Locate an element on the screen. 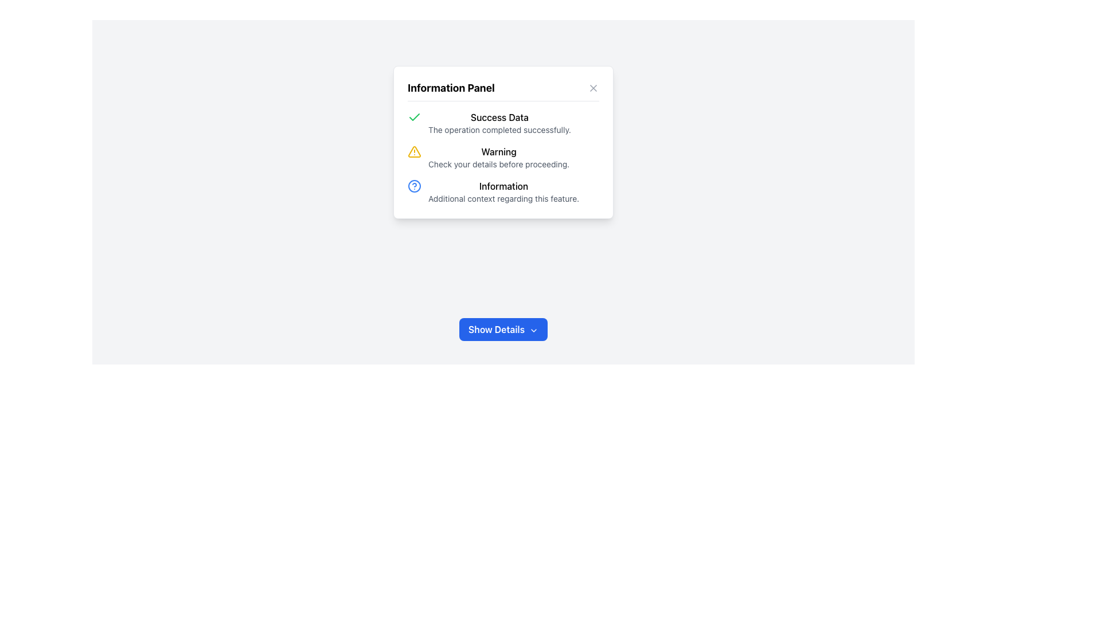 The width and height of the screenshot is (1101, 619). the green checkmark icon located to the left of the 'Success Data' text in the 'Information Panel' is located at coordinates (414, 117).